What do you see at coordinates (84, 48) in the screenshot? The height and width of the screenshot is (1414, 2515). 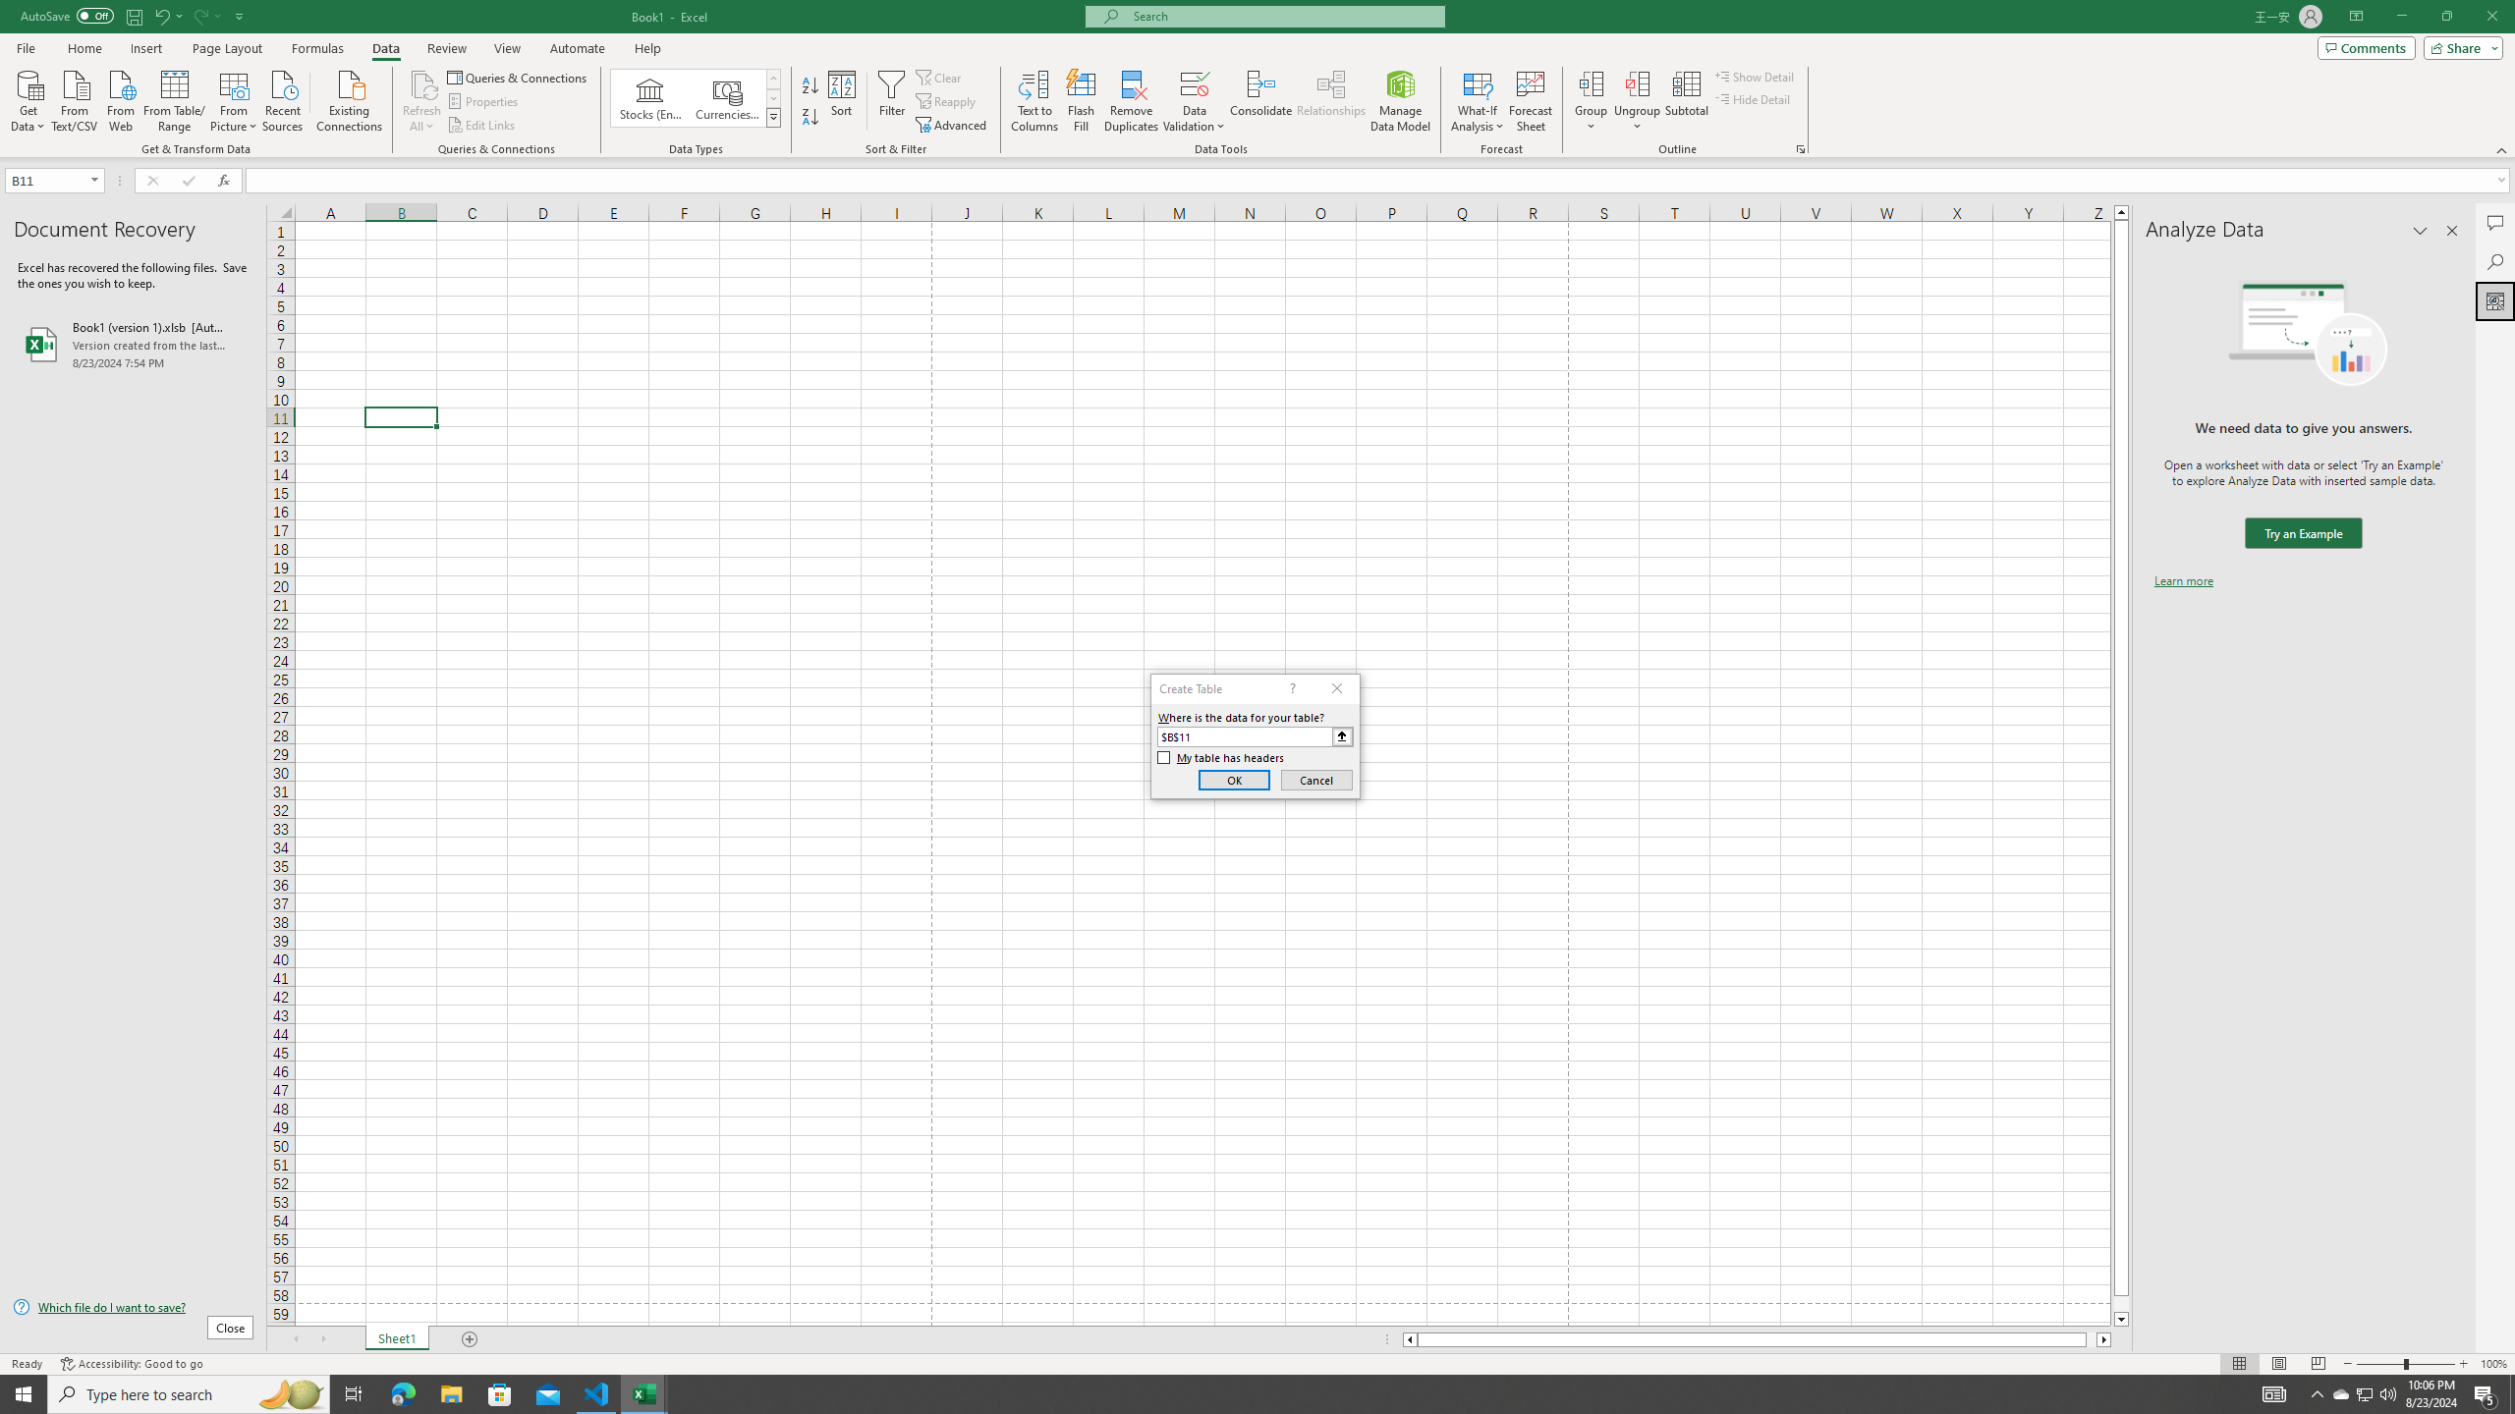 I see `'Home'` at bounding box center [84, 48].